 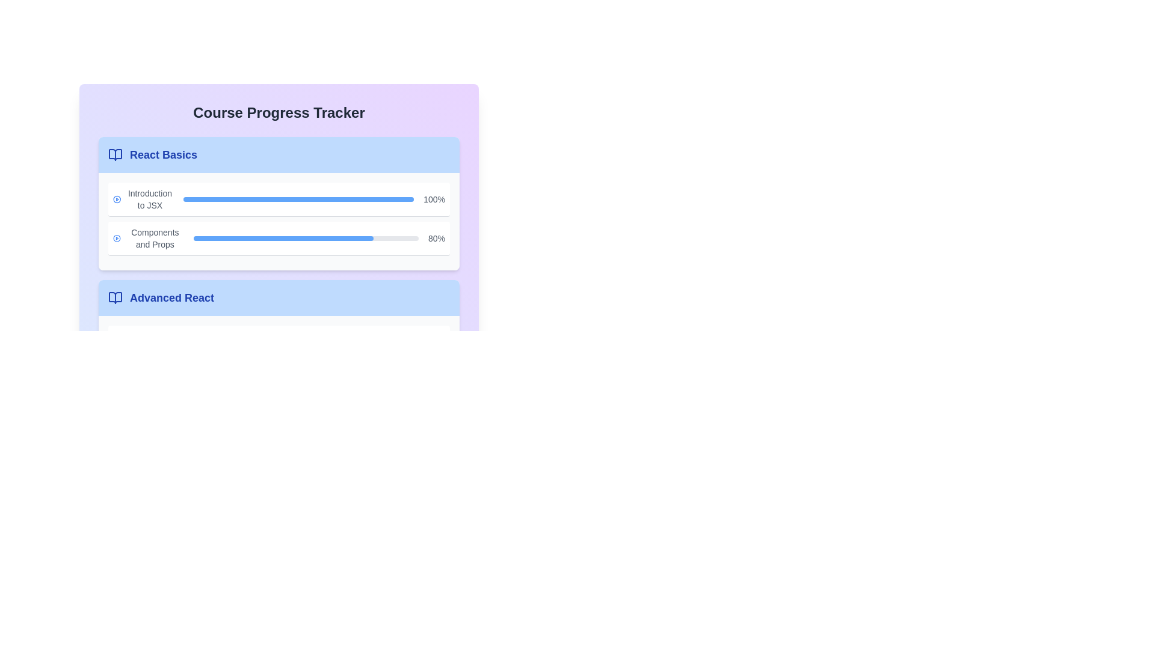 What do you see at coordinates (117, 239) in the screenshot?
I see `the SVG circle representing the play button for the 'Components and Props' course module located in the 'React Basics' section` at bounding box center [117, 239].